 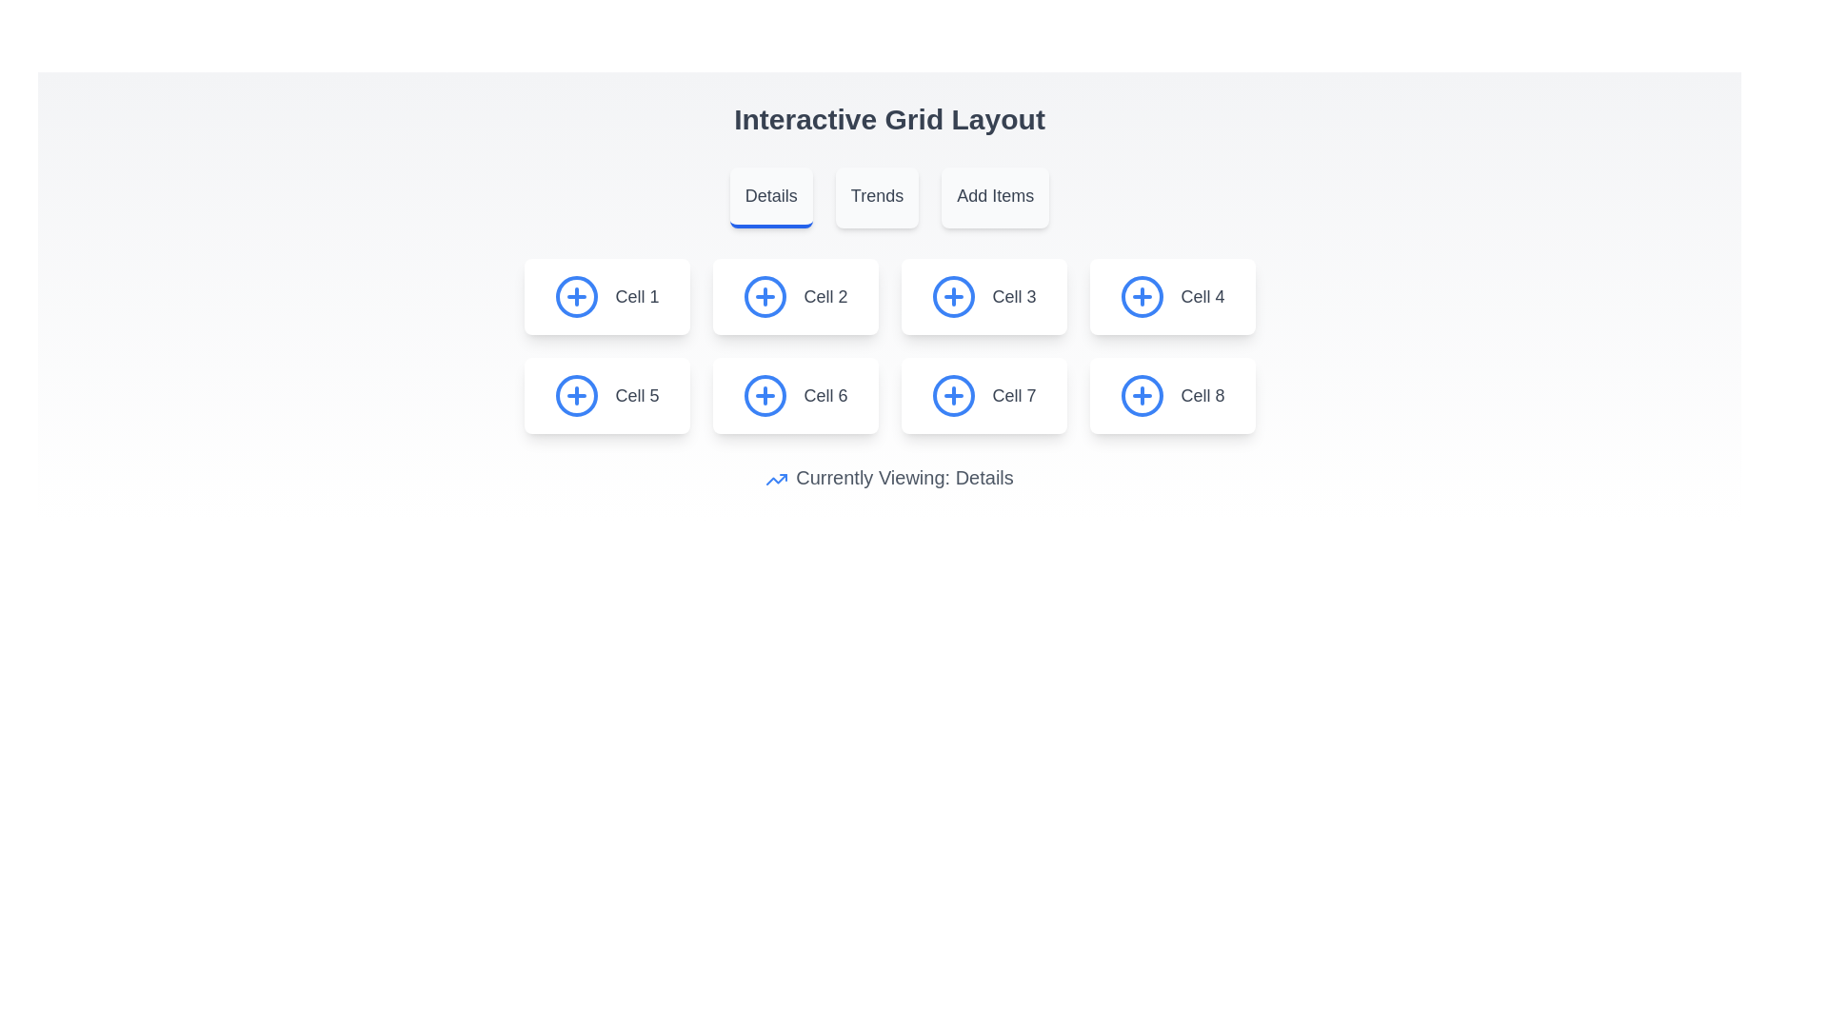 What do you see at coordinates (765, 297) in the screenshot?
I see `the SVG circle that represents the 'Add' functionality within the button labeled 'Cell 2'` at bounding box center [765, 297].